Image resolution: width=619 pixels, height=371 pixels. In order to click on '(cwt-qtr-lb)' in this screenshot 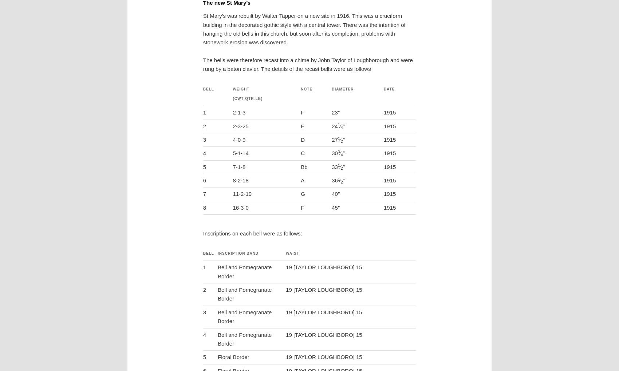, I will do `click(248, 98)`.